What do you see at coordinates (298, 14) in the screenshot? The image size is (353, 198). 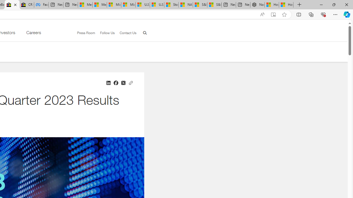 I see `'Split screen'` at bounding box center [298, 14].